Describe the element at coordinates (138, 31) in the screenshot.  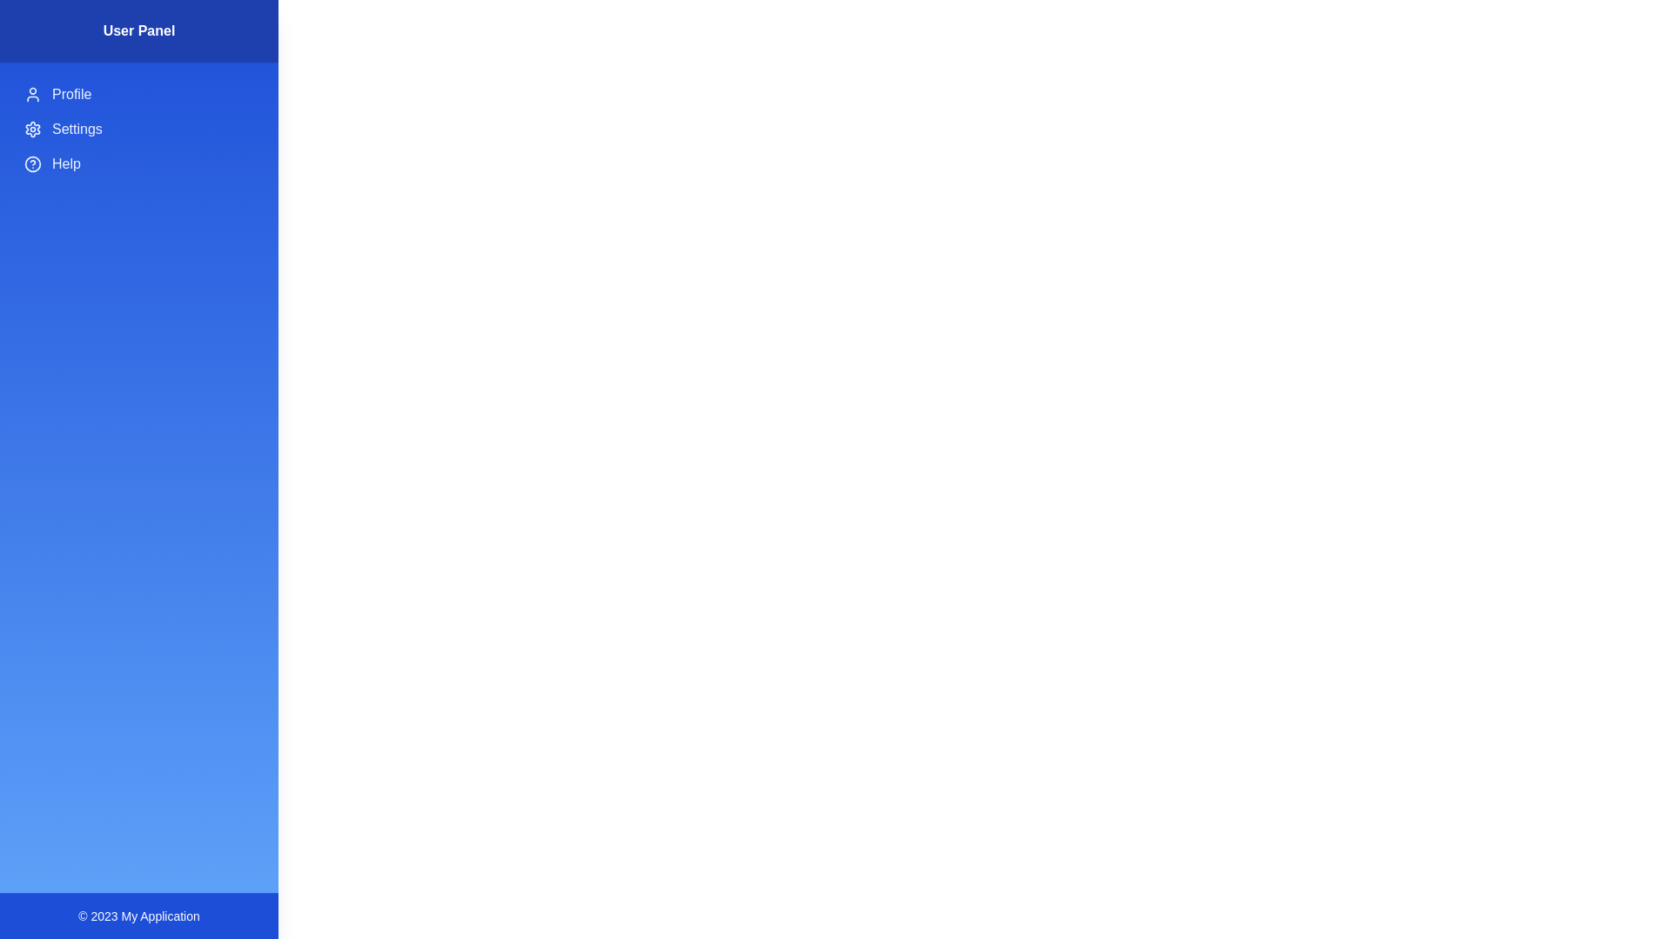
I see `the center of the header text 'User Panel'` at that location.